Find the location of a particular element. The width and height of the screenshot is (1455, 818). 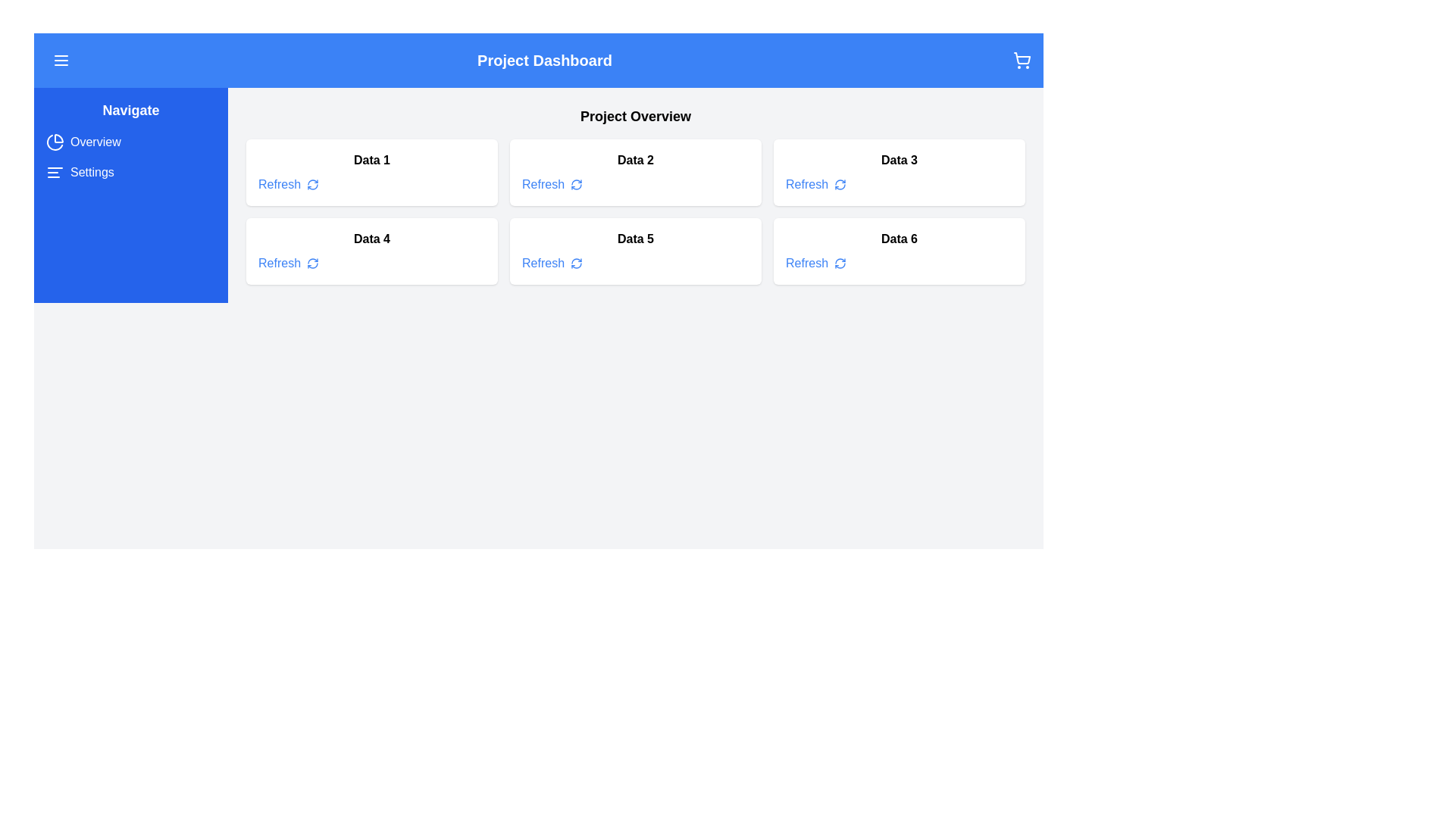

the circular refresh icon button with a blue stroke, located to the right of the 'Refresh' text in the 'Data 2' section of the Project Overview grid is located at coordinates (576, 183).